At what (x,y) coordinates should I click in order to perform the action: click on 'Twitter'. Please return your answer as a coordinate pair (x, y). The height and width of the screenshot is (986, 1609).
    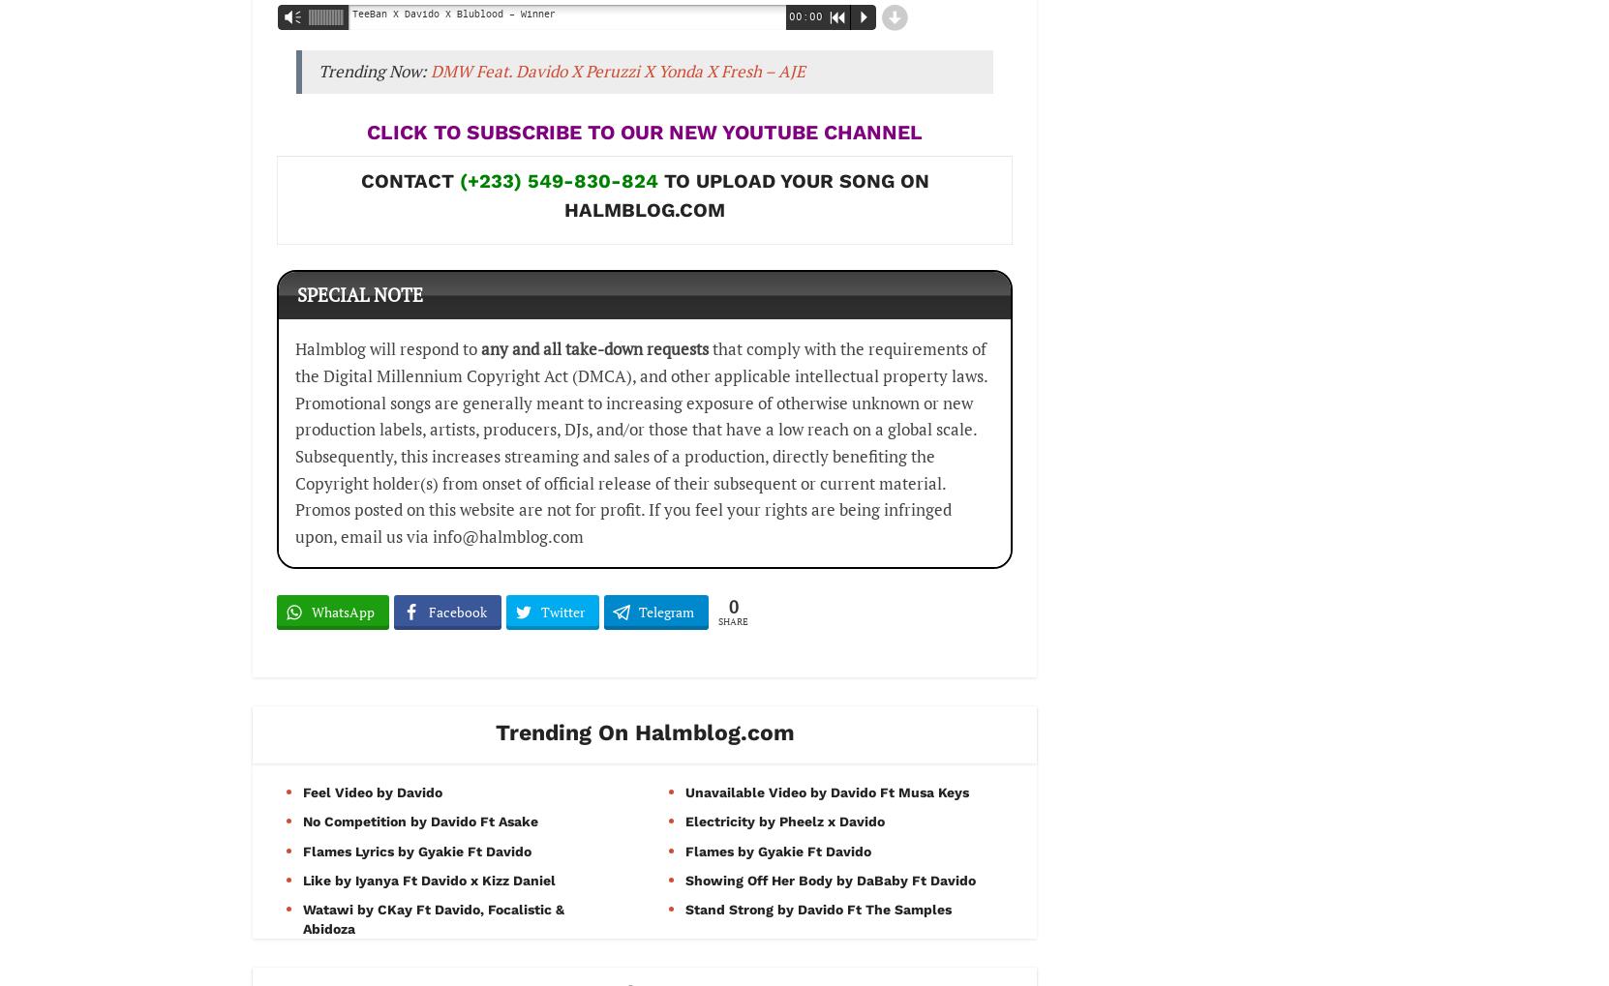
    Looking at the image, I should click on (562, 612).